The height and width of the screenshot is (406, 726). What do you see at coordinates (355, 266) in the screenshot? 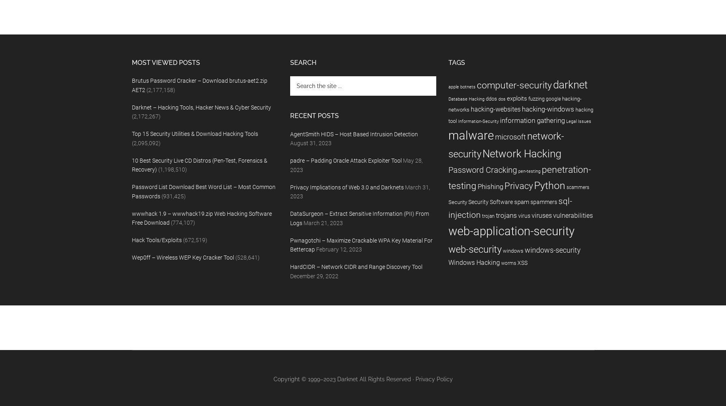
I see `'HardCIDR – Network CIDR and Range Discovery Tool'` at bounding box center [355, 266].